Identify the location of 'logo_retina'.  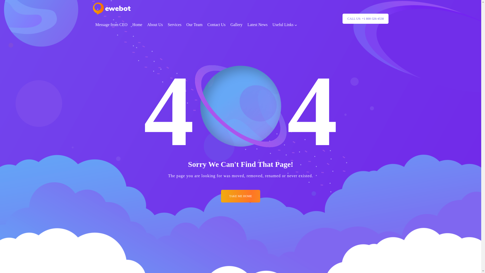
(111, 9).